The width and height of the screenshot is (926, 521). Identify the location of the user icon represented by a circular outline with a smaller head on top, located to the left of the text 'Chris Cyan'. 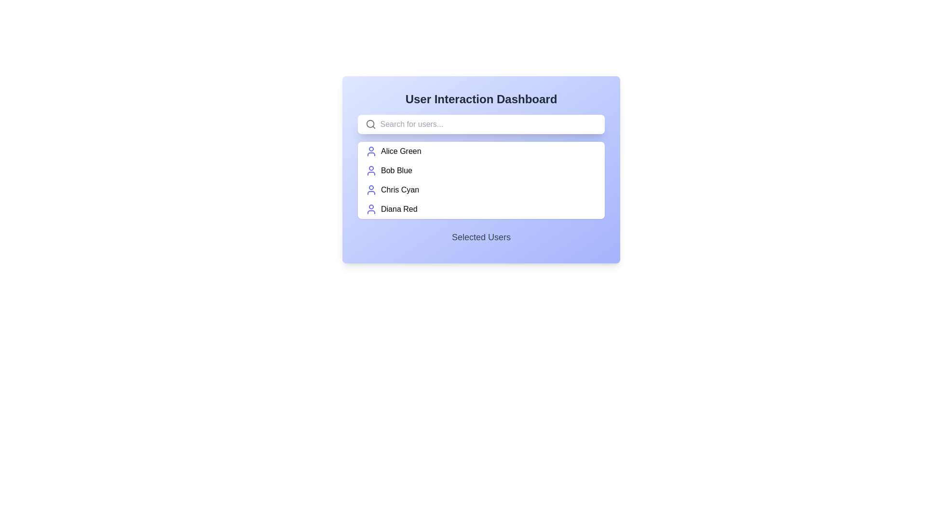
(370, 190).